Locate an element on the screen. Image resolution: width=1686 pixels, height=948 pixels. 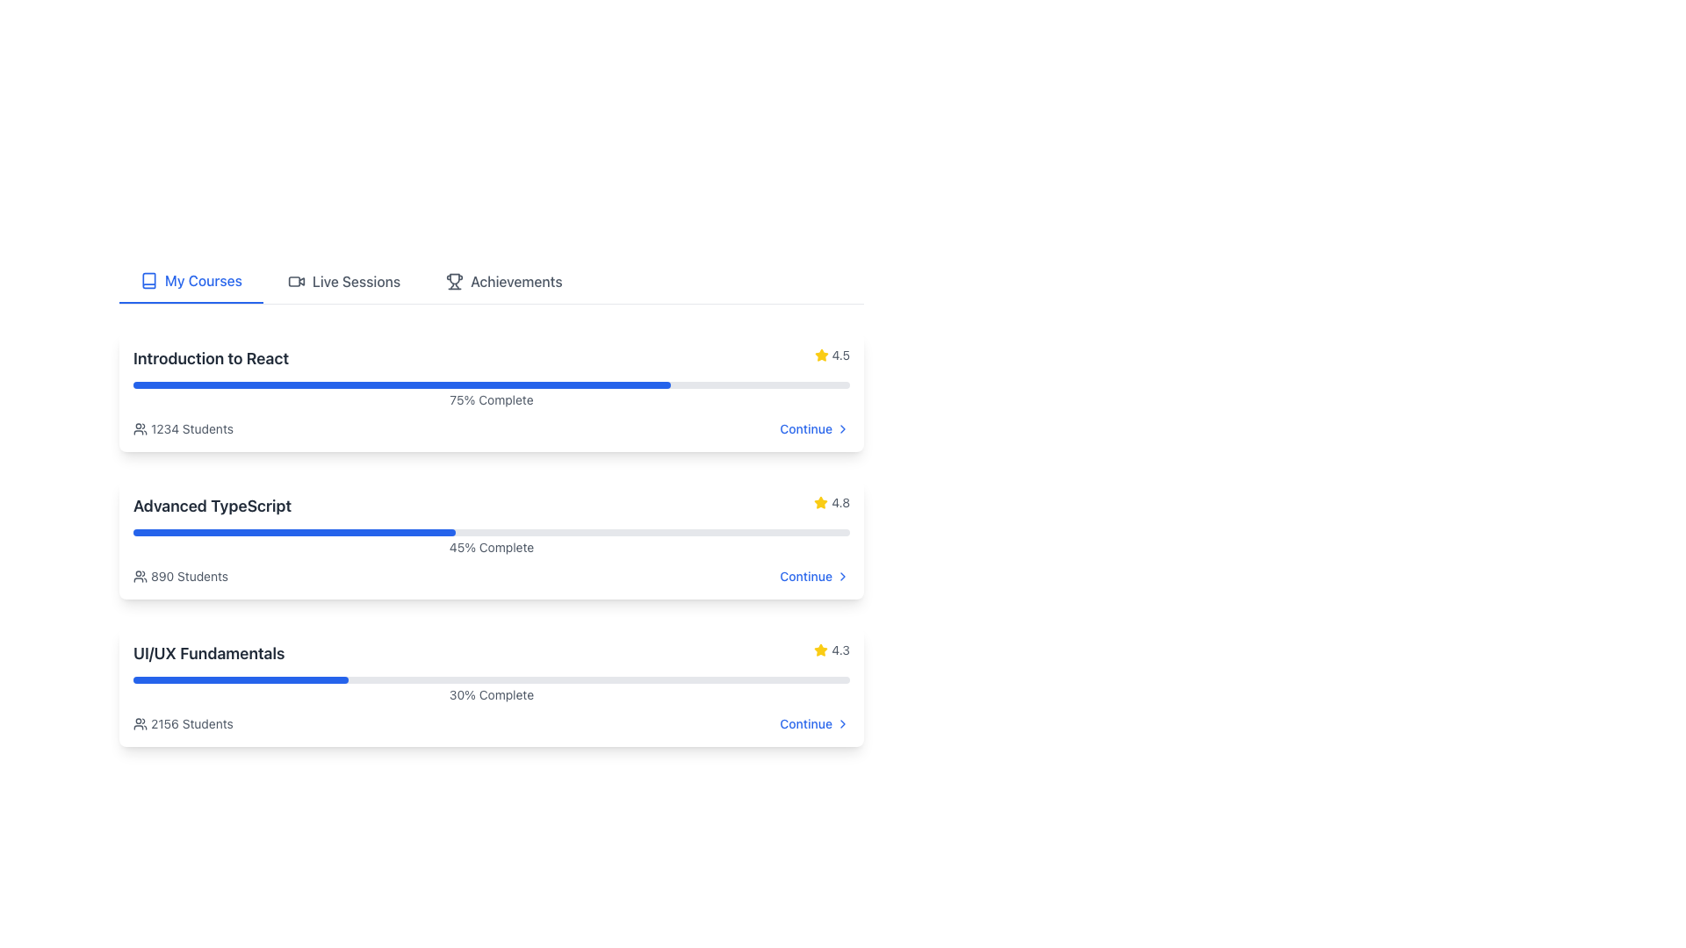
the progress bar segment indicating 30% completion for the 'UI/UX Fundamentals' course, located within the last progress bar in the UI is located at coordinates (240, 679).